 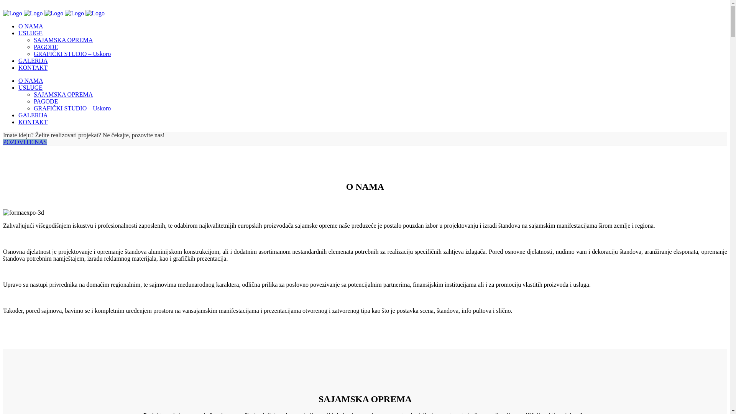 I want to click on 'PAGODE', so click(x=45, y=47).